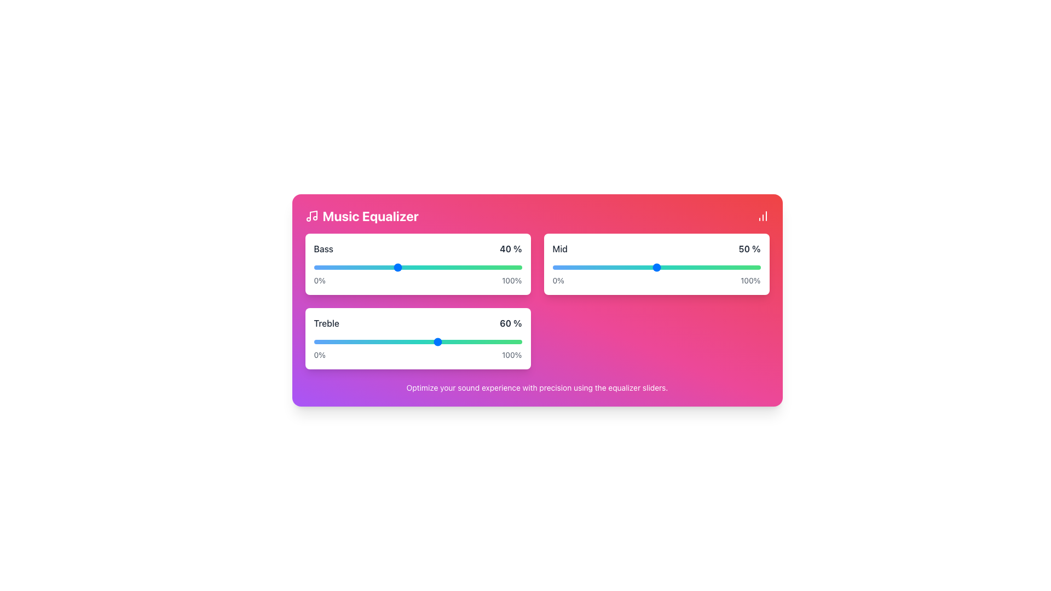 This screenshot has width=1051, height=591. Describe the element at coordinates (311, 216) in the screenshot. I see `the music note icon, which is the leftmost component of the 'Music Equalizer' header section, styled in line art with a pink background` at that location.